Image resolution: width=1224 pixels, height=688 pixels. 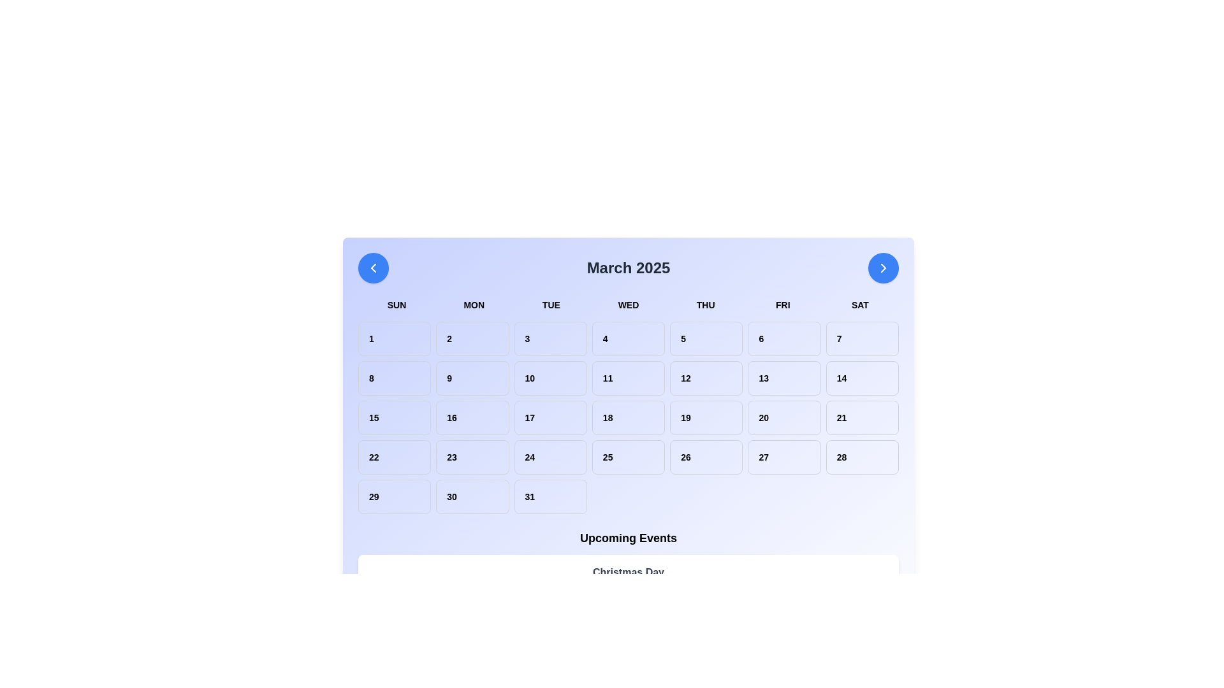 I want to click on the clickable day cell displaying the number '22' in a calendar grid, which has a light blue background and a gray border, so click(x=394, y=456).